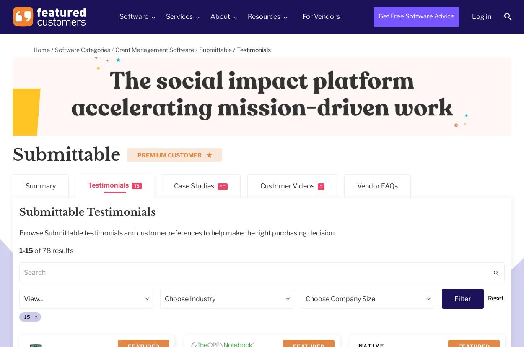  What do you see at coordinates (40, 185) in the screenshot?
I see `'Summary'` at bounding box center [40, 185].